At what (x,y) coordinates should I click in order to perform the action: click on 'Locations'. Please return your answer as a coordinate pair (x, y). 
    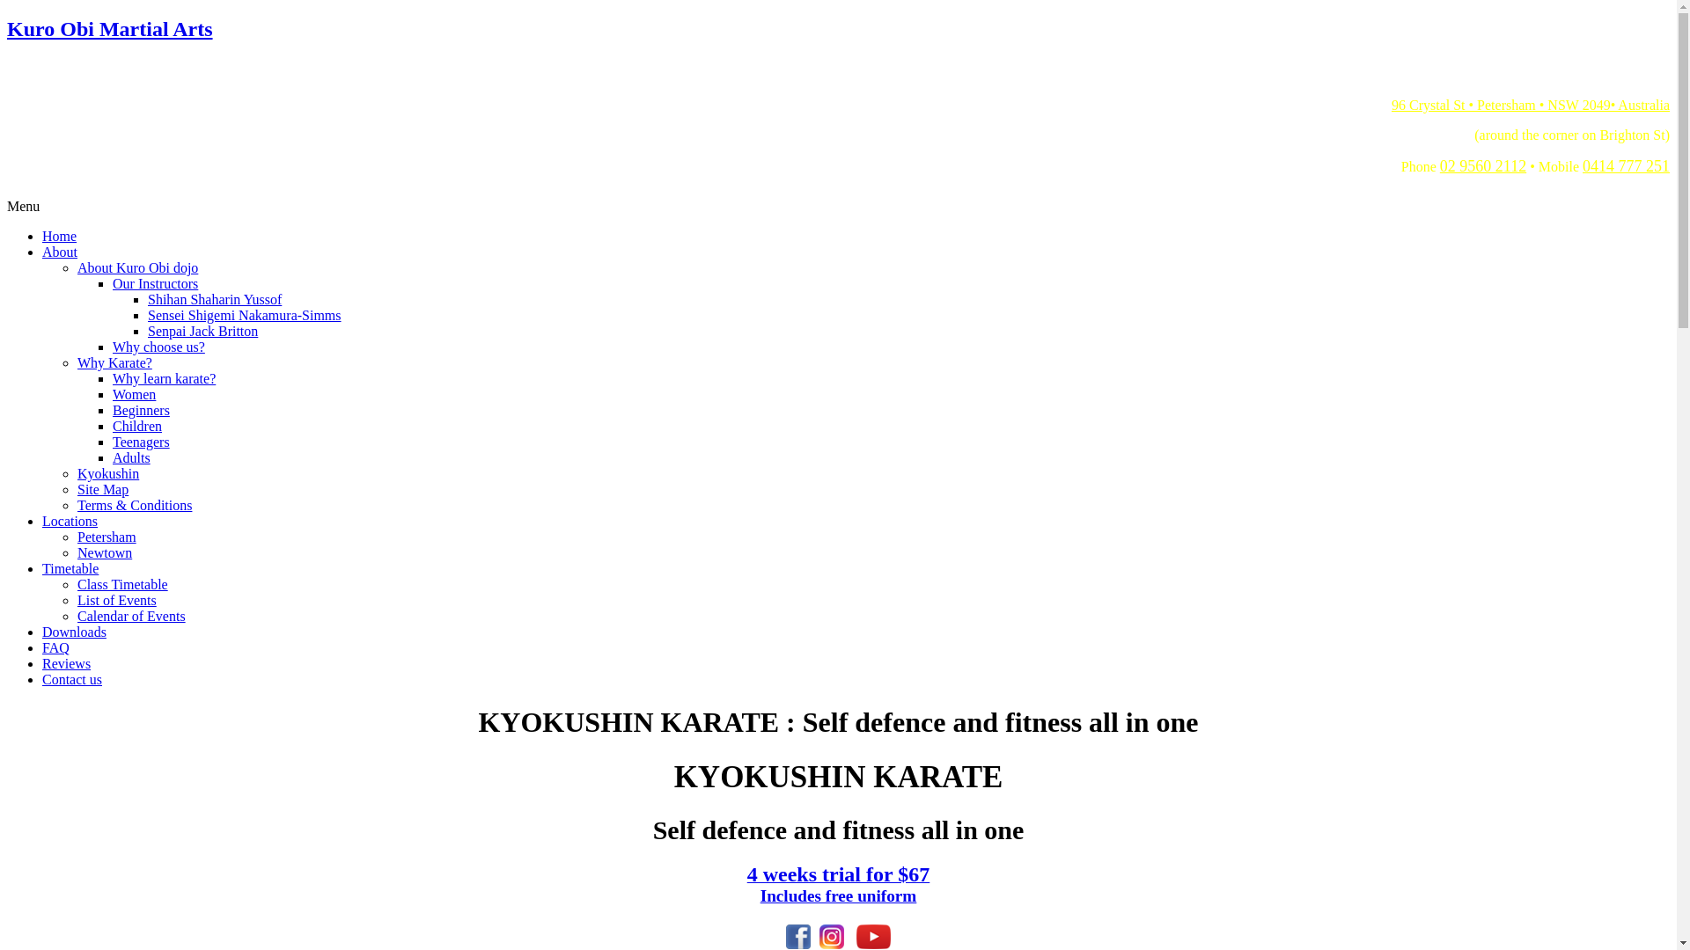
    Looking at the image, I should click on (70, 520).